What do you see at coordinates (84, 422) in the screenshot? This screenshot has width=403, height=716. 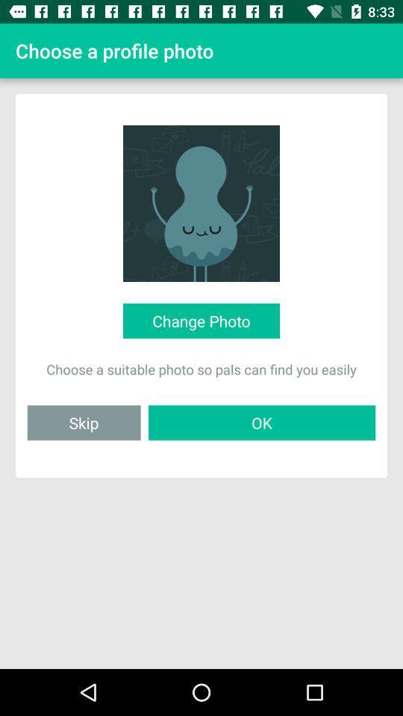 I see `item below the choose a suitable` at bounding box center [84, 422].